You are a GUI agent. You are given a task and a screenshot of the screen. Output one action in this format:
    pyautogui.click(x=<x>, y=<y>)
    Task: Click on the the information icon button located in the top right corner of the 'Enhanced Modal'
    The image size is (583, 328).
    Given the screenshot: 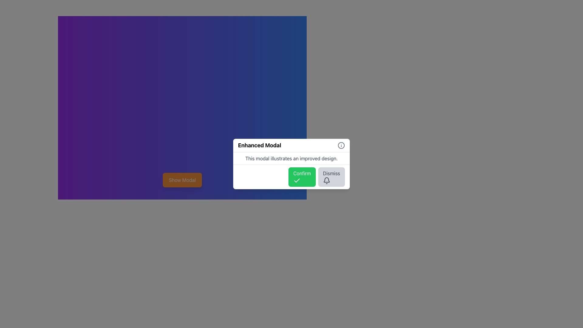 What is the action you would take?
    pyautogui.click(x=341, y=145)
    